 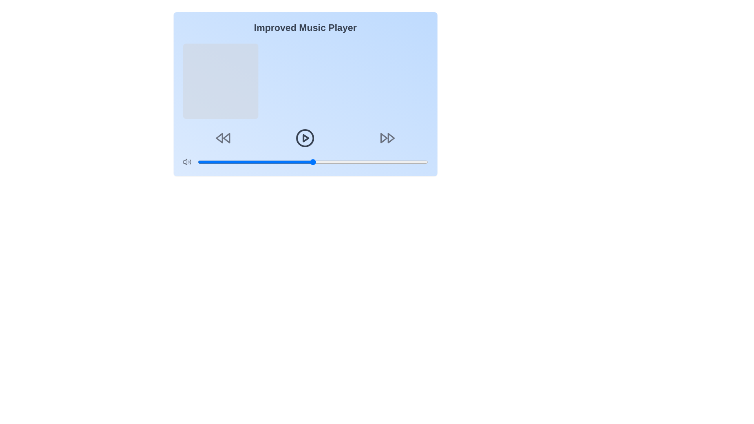 I want to click on the circular play button with a geometric play icon located below the title 'Improved Music Player' in the music player control area, so click(x=305, y=137).